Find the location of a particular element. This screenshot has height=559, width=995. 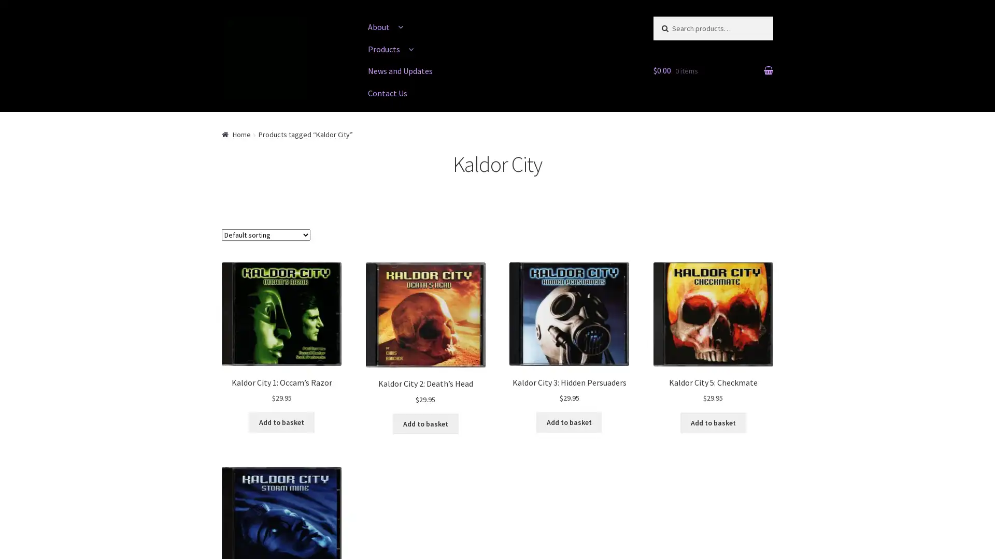

Search is located at coordinates (674, 26).